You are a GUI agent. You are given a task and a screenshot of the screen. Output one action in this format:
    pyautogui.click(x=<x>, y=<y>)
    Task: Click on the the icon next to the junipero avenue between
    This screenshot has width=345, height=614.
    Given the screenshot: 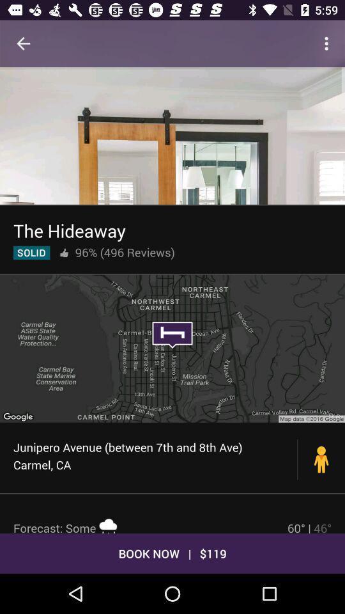 What is the action you would take?
    pyautogui.click(x=321, y=459)
    